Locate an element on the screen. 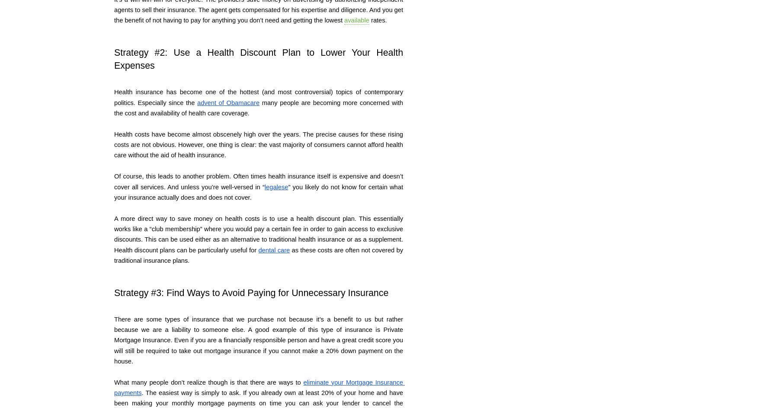 Image resolution: width=782 pixels, height=411 pixels. 'Health costs have become almost obscenely high over the years. The precise causes for these rising costs are not obvious. However, one thing is clear: the vast majority of consumers cannot afford health care without the aid of health insurance.' is located at coordinates (259, 144).